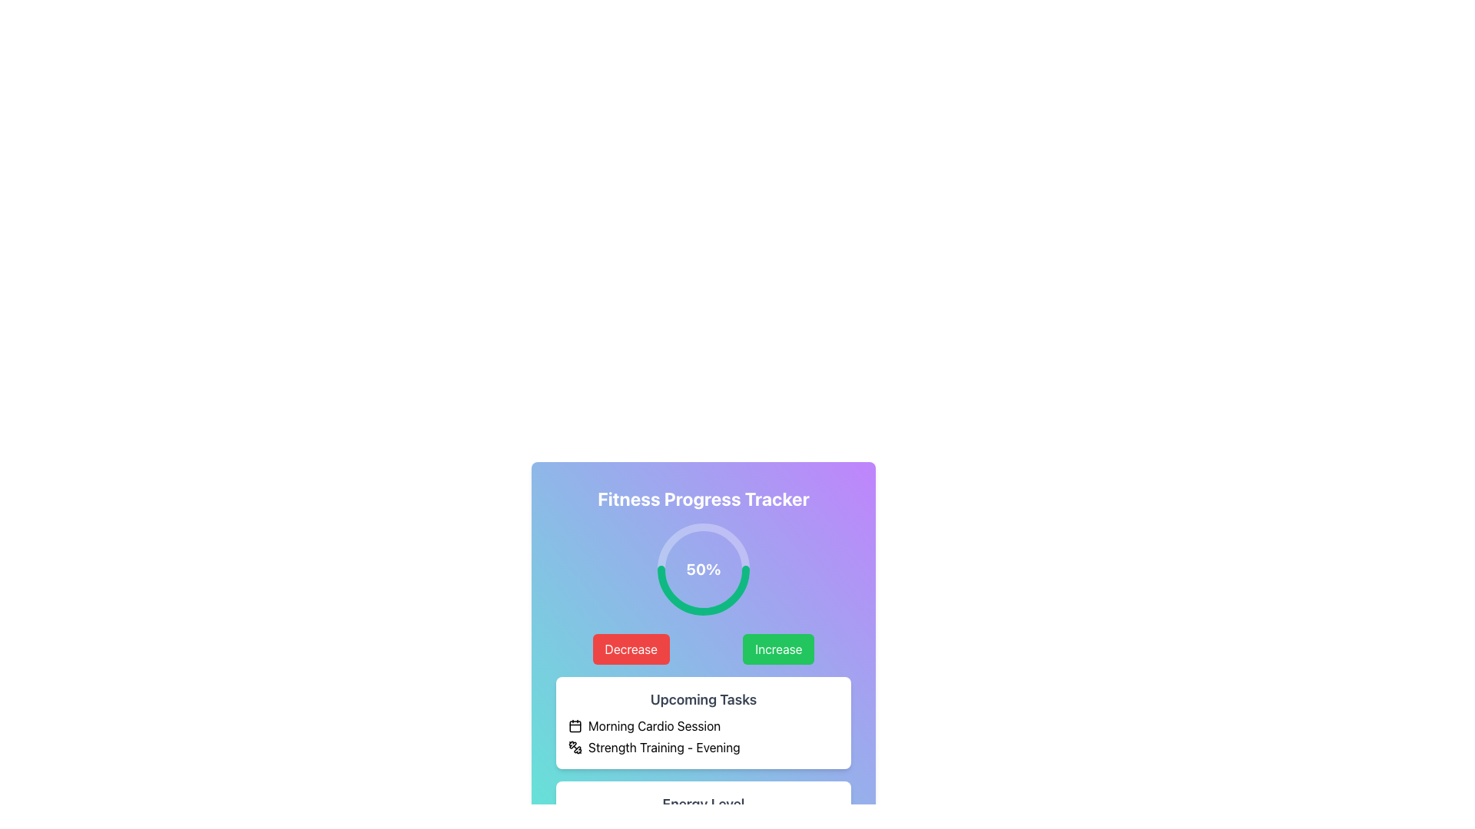  I want to click on the first static list item indicating 'Morning Cardio Session' under the 'Upcoming Tasks' section, so click(703, 725).